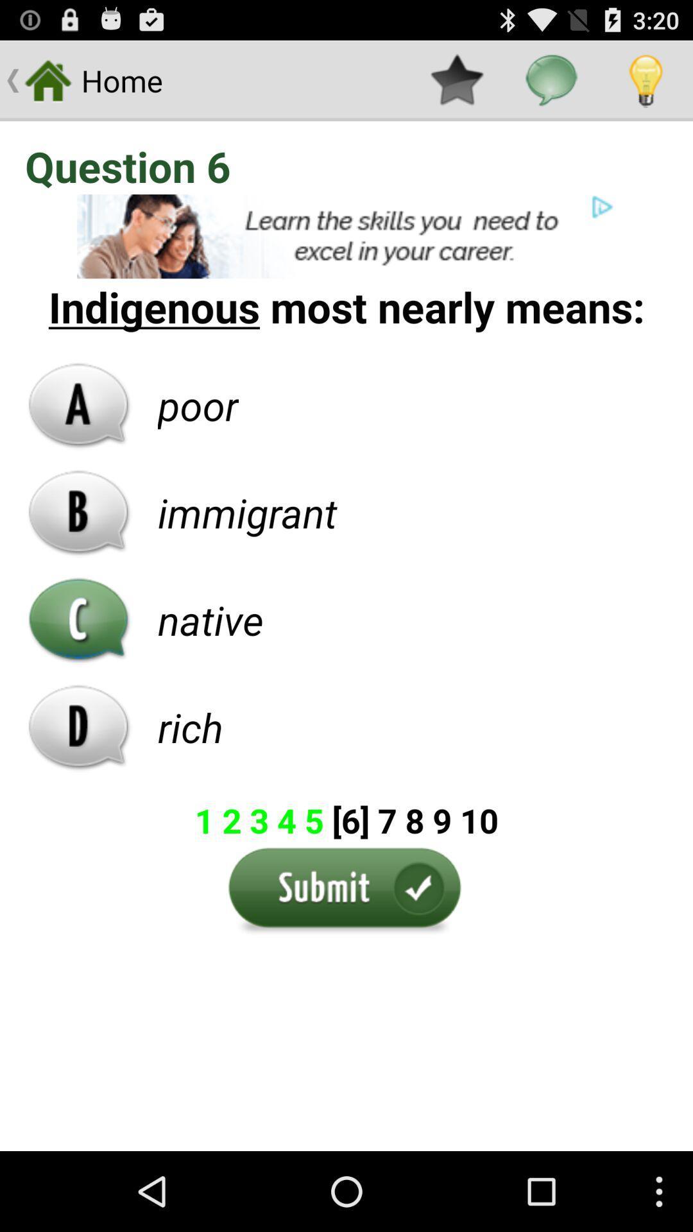  I want to click on immigrant, so click(247, 511).